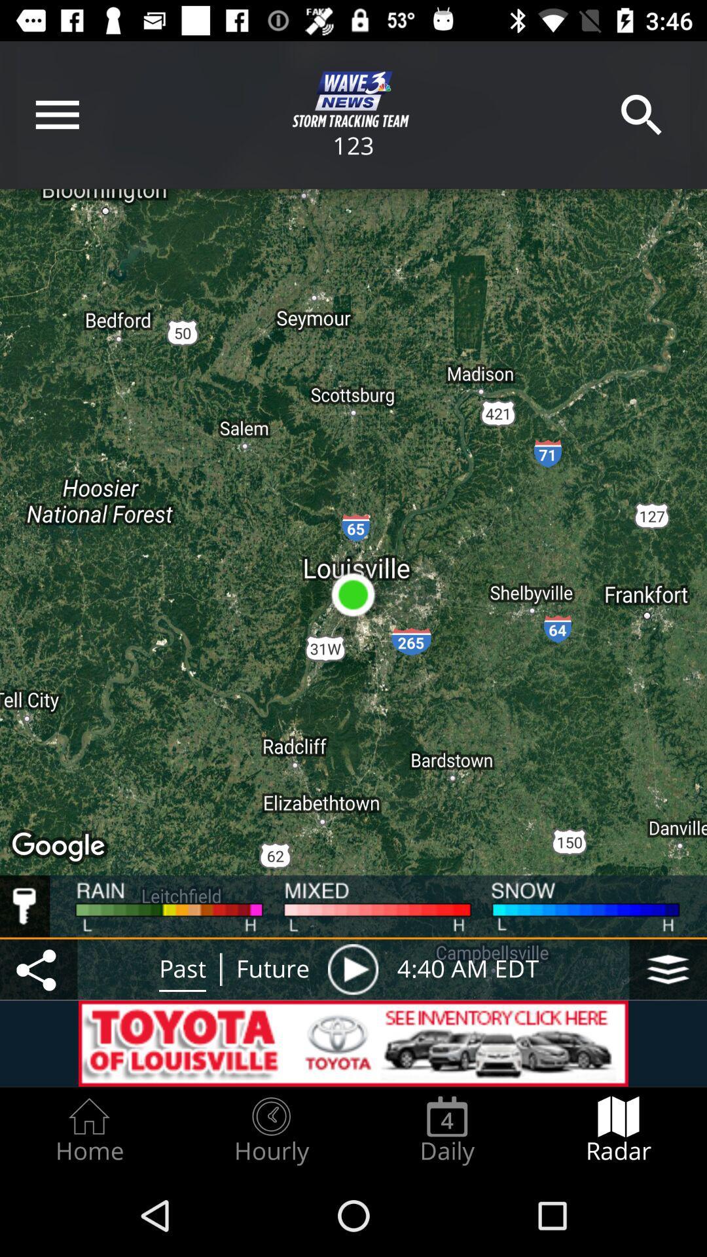 Image resolution: width=707 pixels, height=1257 pixels. I want to click on the item to the left of hourly item, so click(88, 1130).